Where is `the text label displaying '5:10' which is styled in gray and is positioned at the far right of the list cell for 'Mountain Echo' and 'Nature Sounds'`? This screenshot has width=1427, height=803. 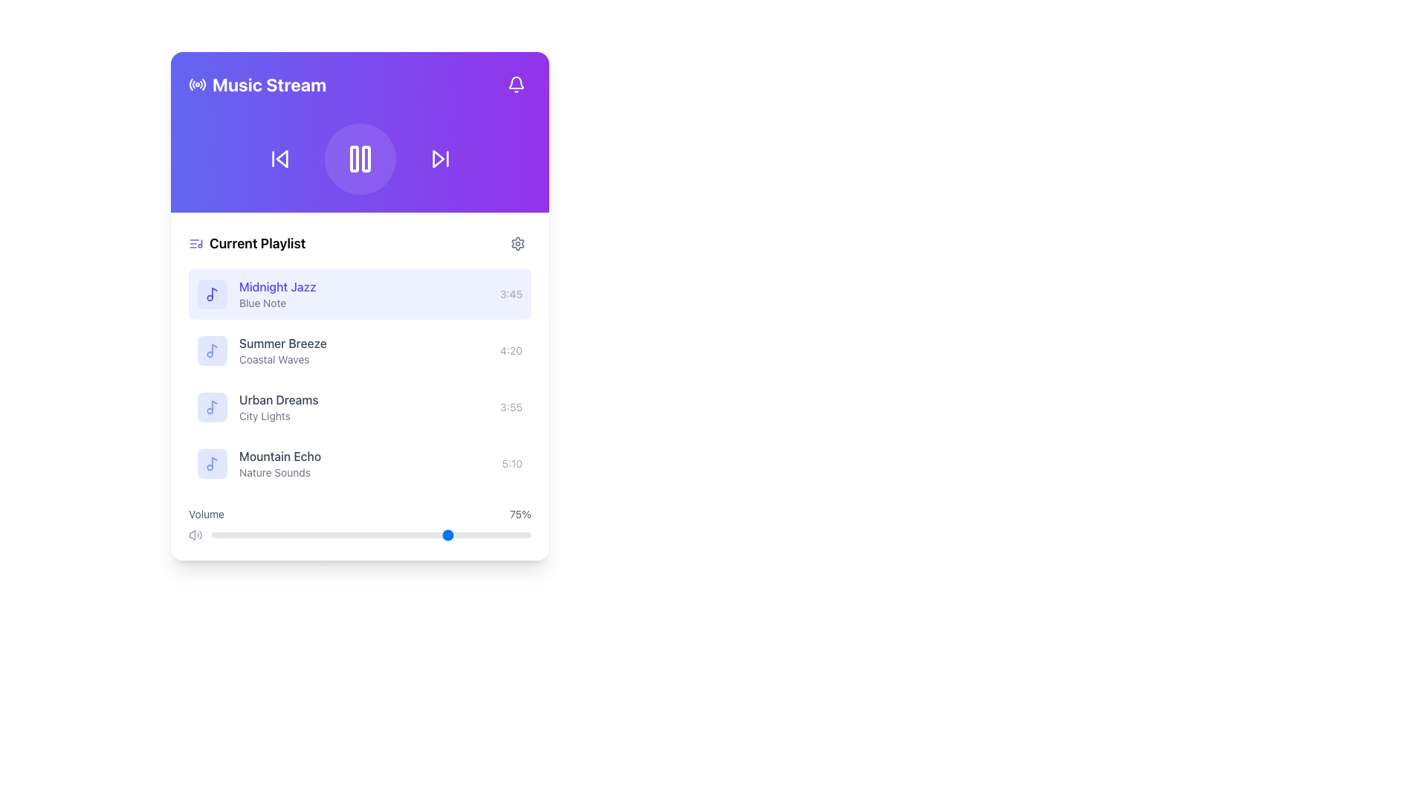
the text label displaying '5:10' which is styled in gray and is positioned at the far right of the list cell for 'Mountain Echo' and 'Nature Sounds' is located at coordinates (512, 463).